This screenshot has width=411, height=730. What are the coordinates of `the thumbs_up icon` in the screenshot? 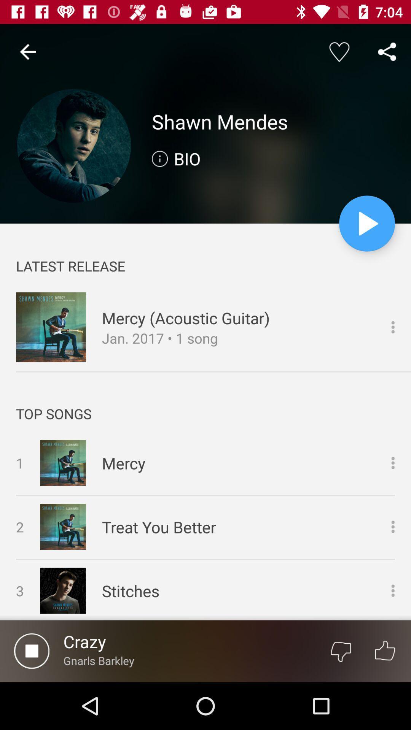 It's located at (385, 651).